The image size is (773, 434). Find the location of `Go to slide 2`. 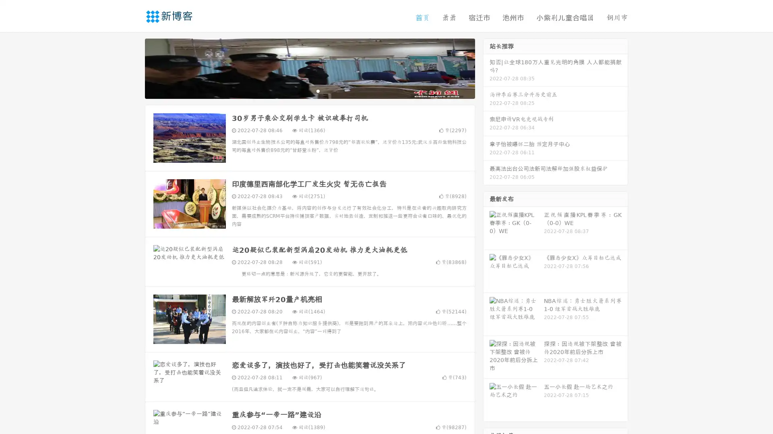

Go to slide 2 is located at coordinates (309, 90).